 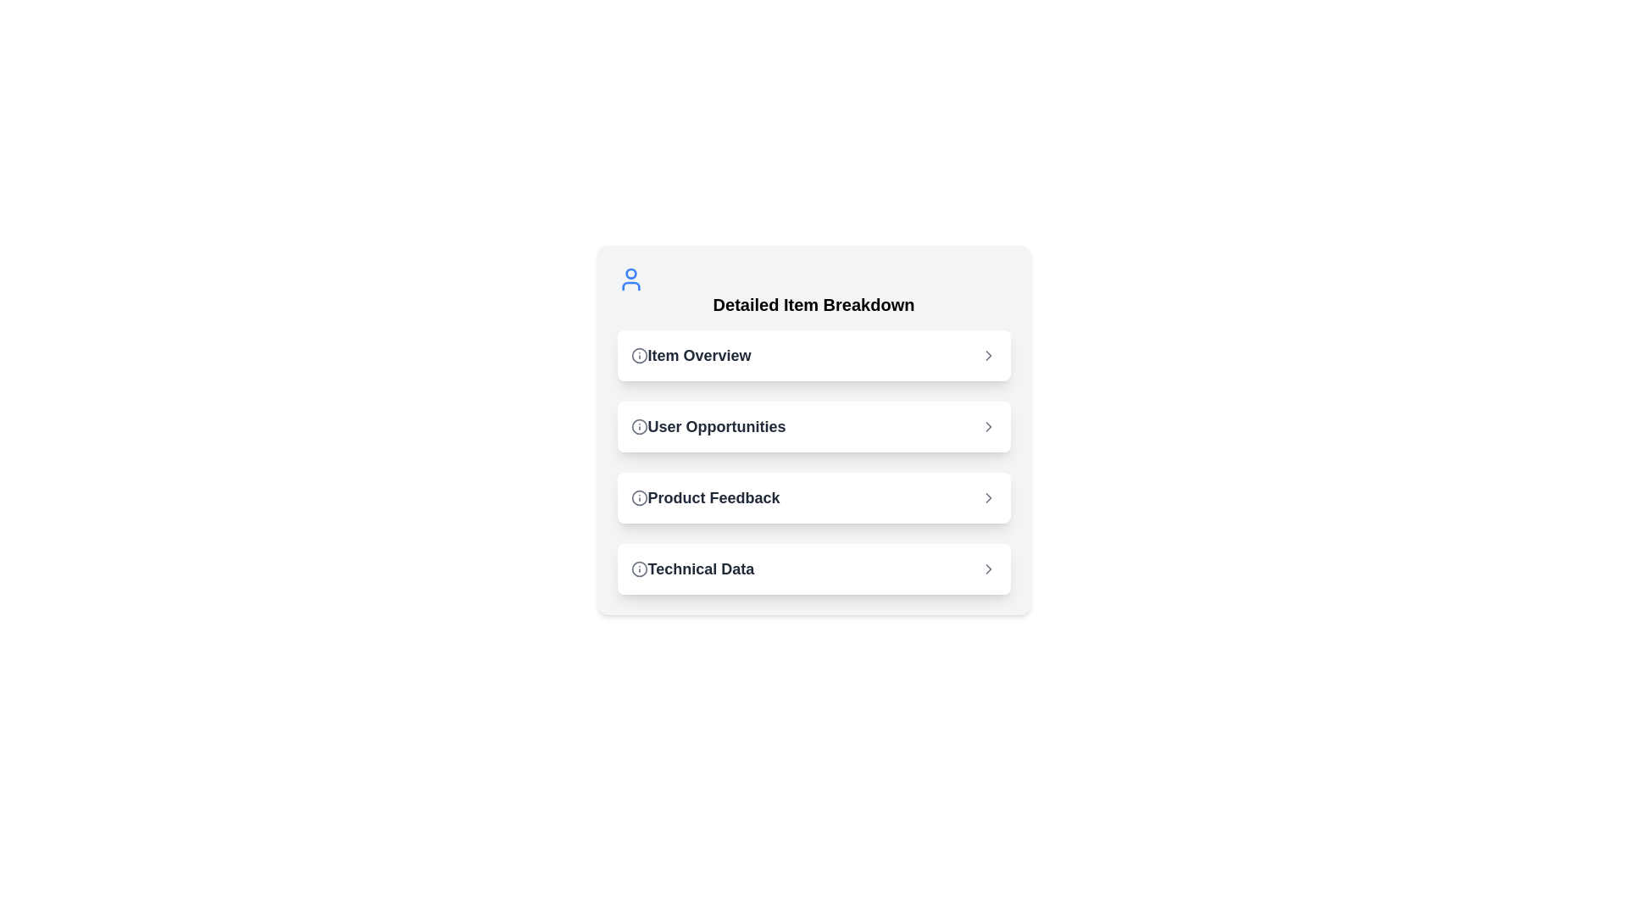 I want to click on the chevron arrow icon next to the 'User Opportunities' row, so click(x=988, y=426).